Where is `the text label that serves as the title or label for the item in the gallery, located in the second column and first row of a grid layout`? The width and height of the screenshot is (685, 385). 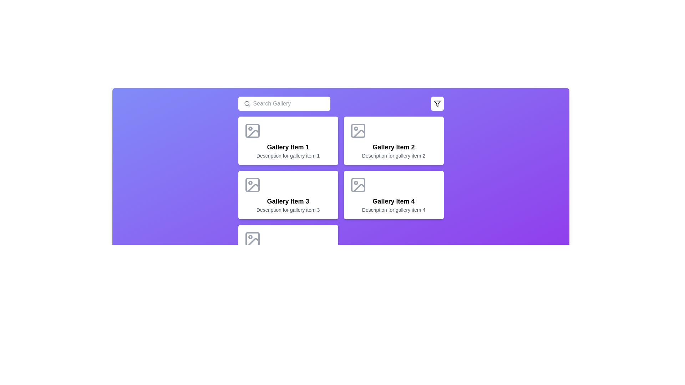 the text label that serves as the title or label for the item in the gallery, located in the second column and first row of a grid layout is located at coordinates (393, 147).